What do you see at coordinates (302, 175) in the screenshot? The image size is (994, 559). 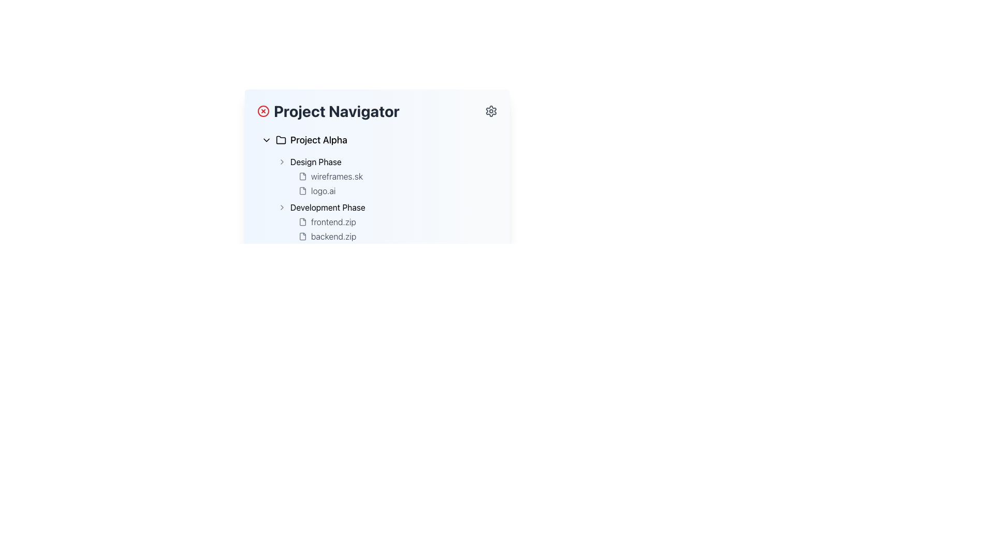 I see `the file icon representing 'wireframes.sk' located in the 'Design Phase' section of the Project Navigator` at bounding box center [302, 175].